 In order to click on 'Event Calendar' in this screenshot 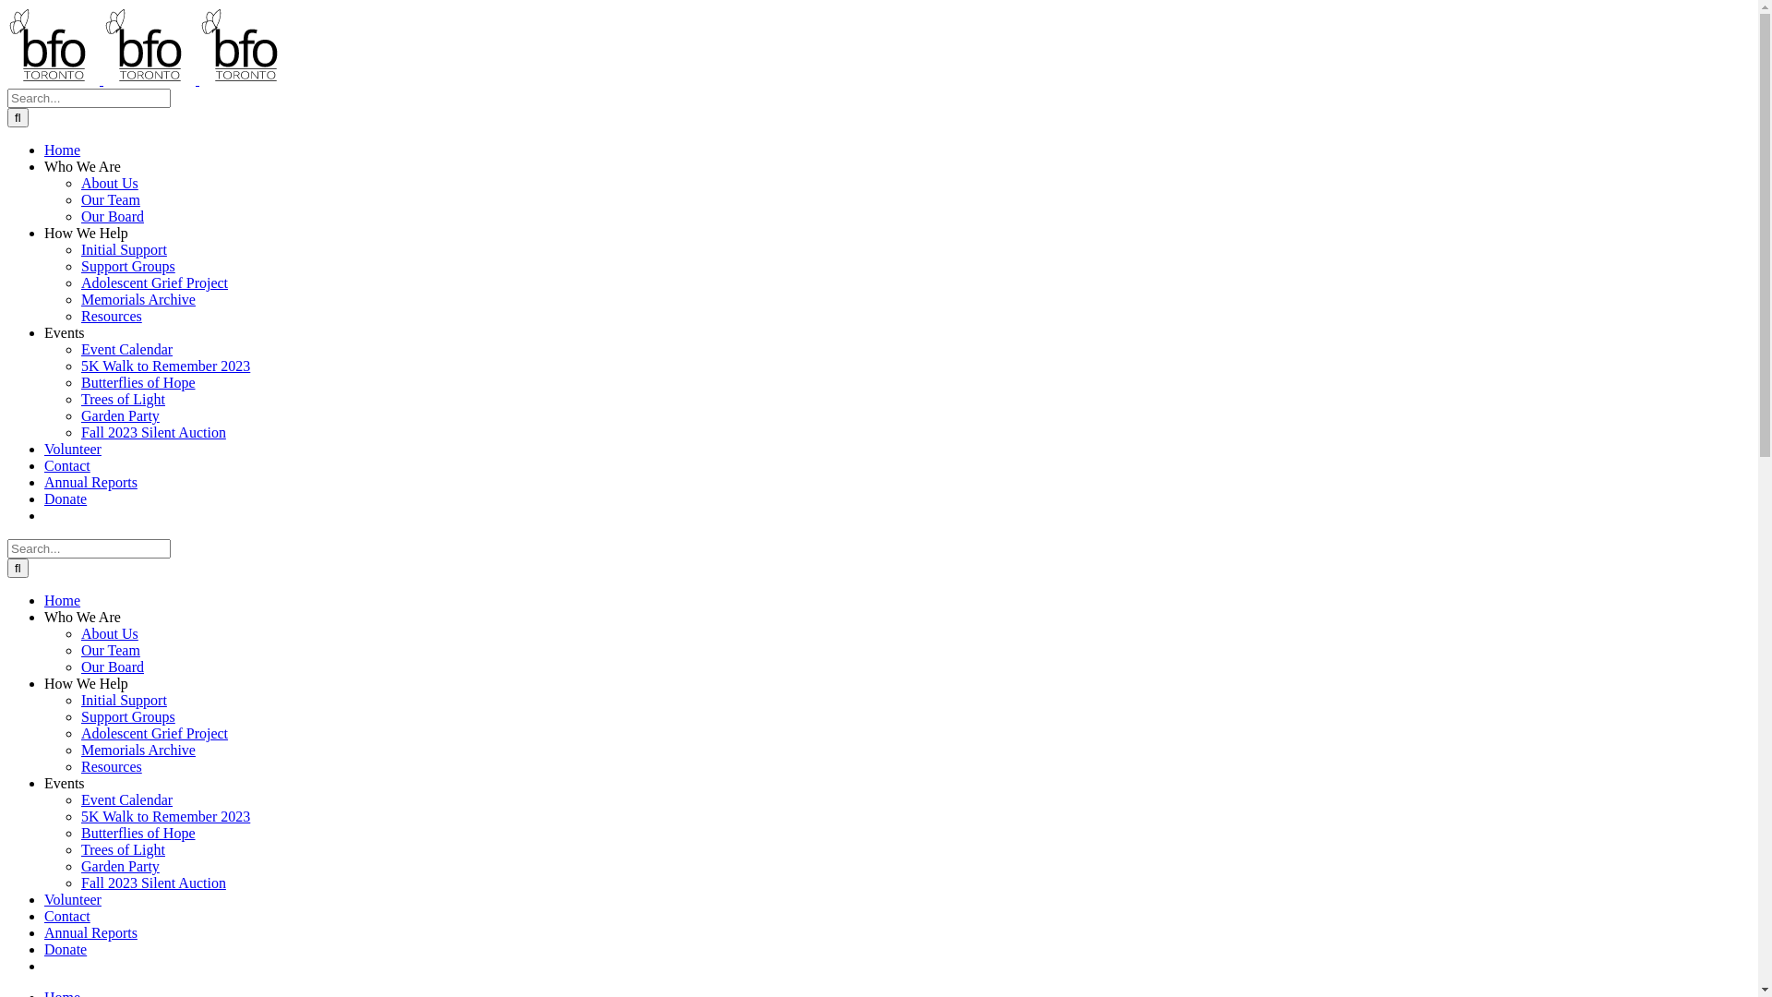, I will do `click(126, 349)`.